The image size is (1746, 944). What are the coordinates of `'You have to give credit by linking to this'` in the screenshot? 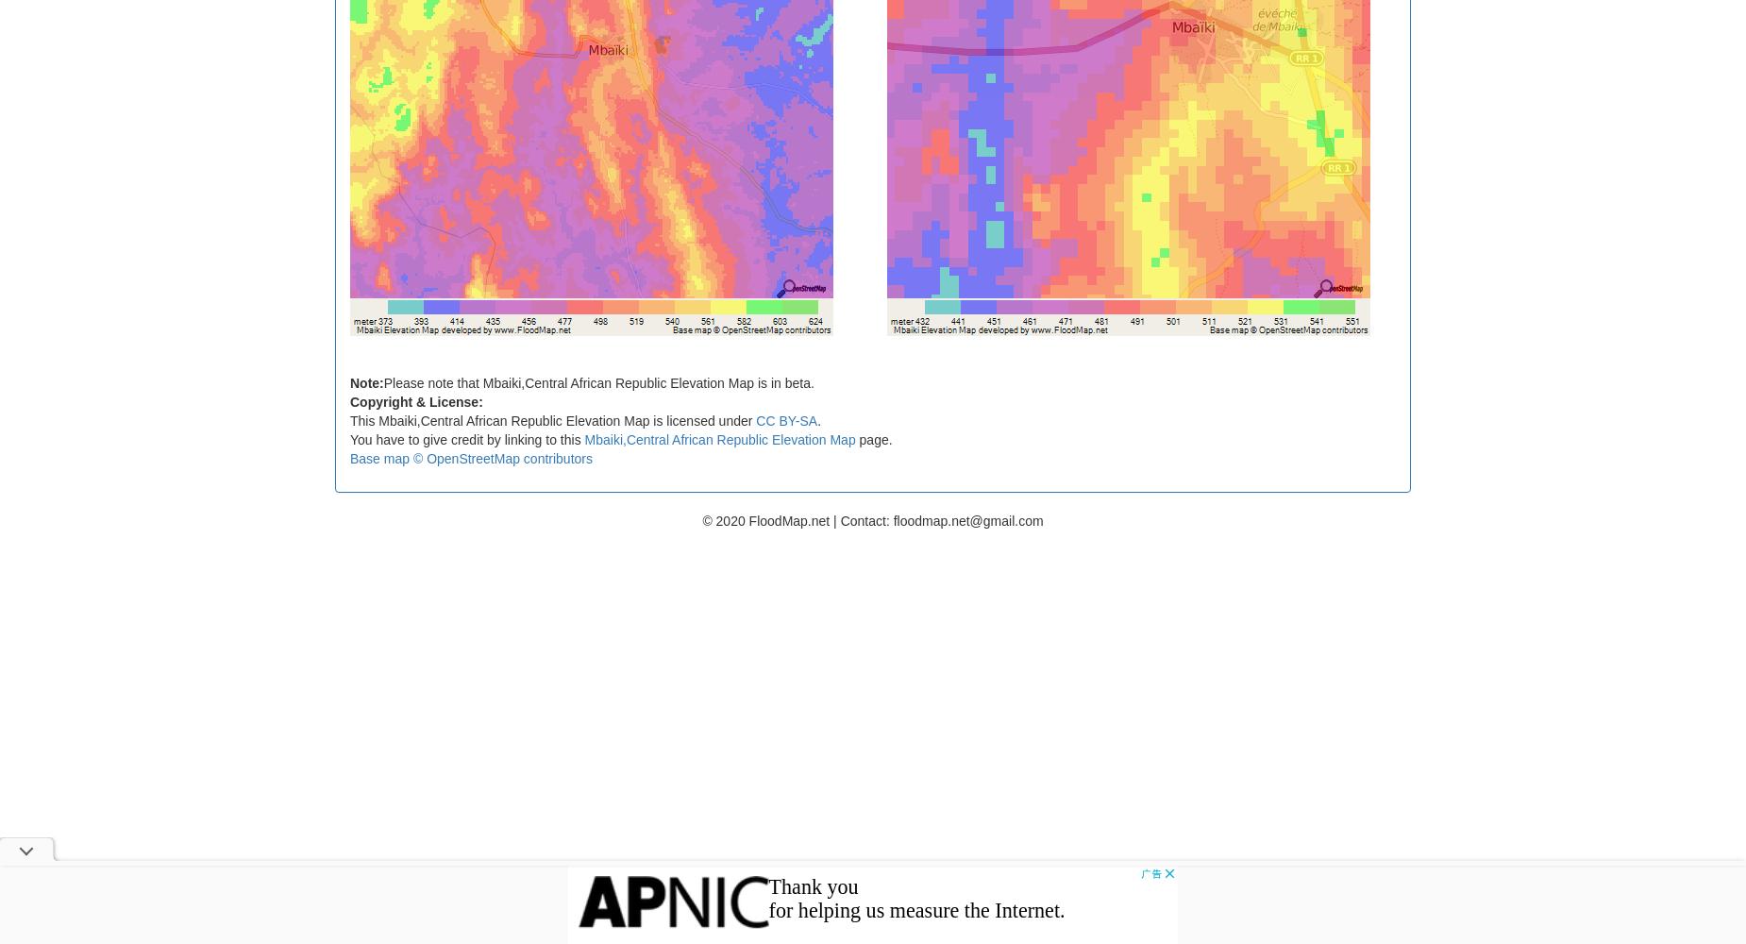 It's located at (467, 438).